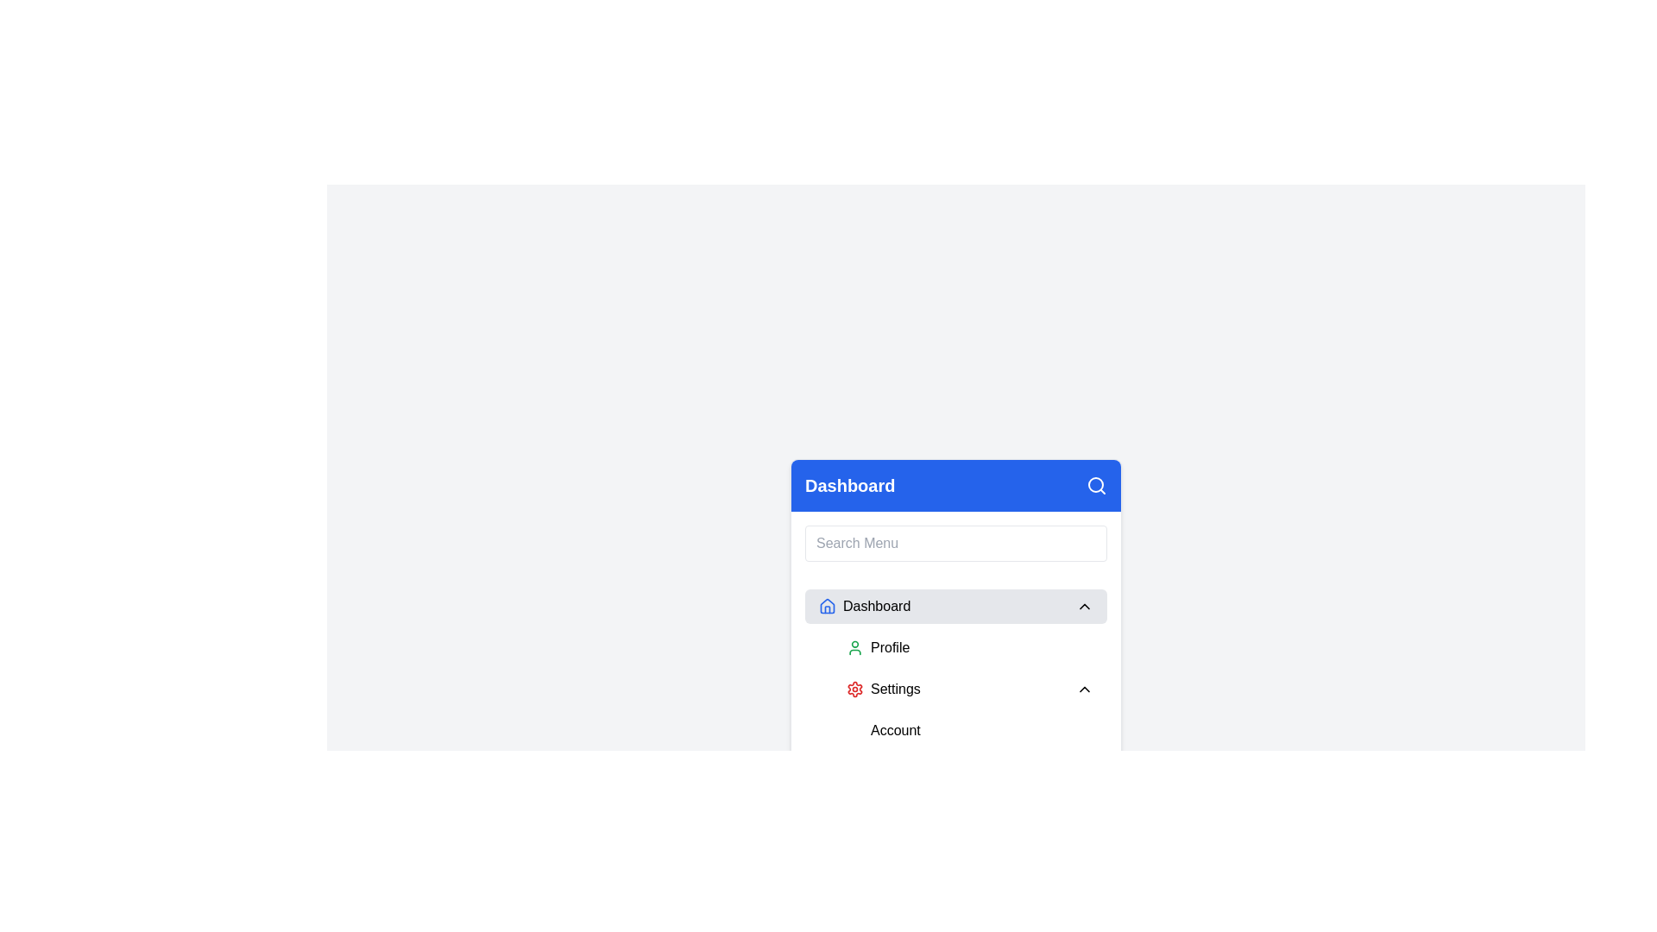  Describe the element at coordinates (969, 748) in the screenshot. I see `the 'Account' menu item, which is the first sub-option under the 'Settings' grouping, to view its context menu` at that location.